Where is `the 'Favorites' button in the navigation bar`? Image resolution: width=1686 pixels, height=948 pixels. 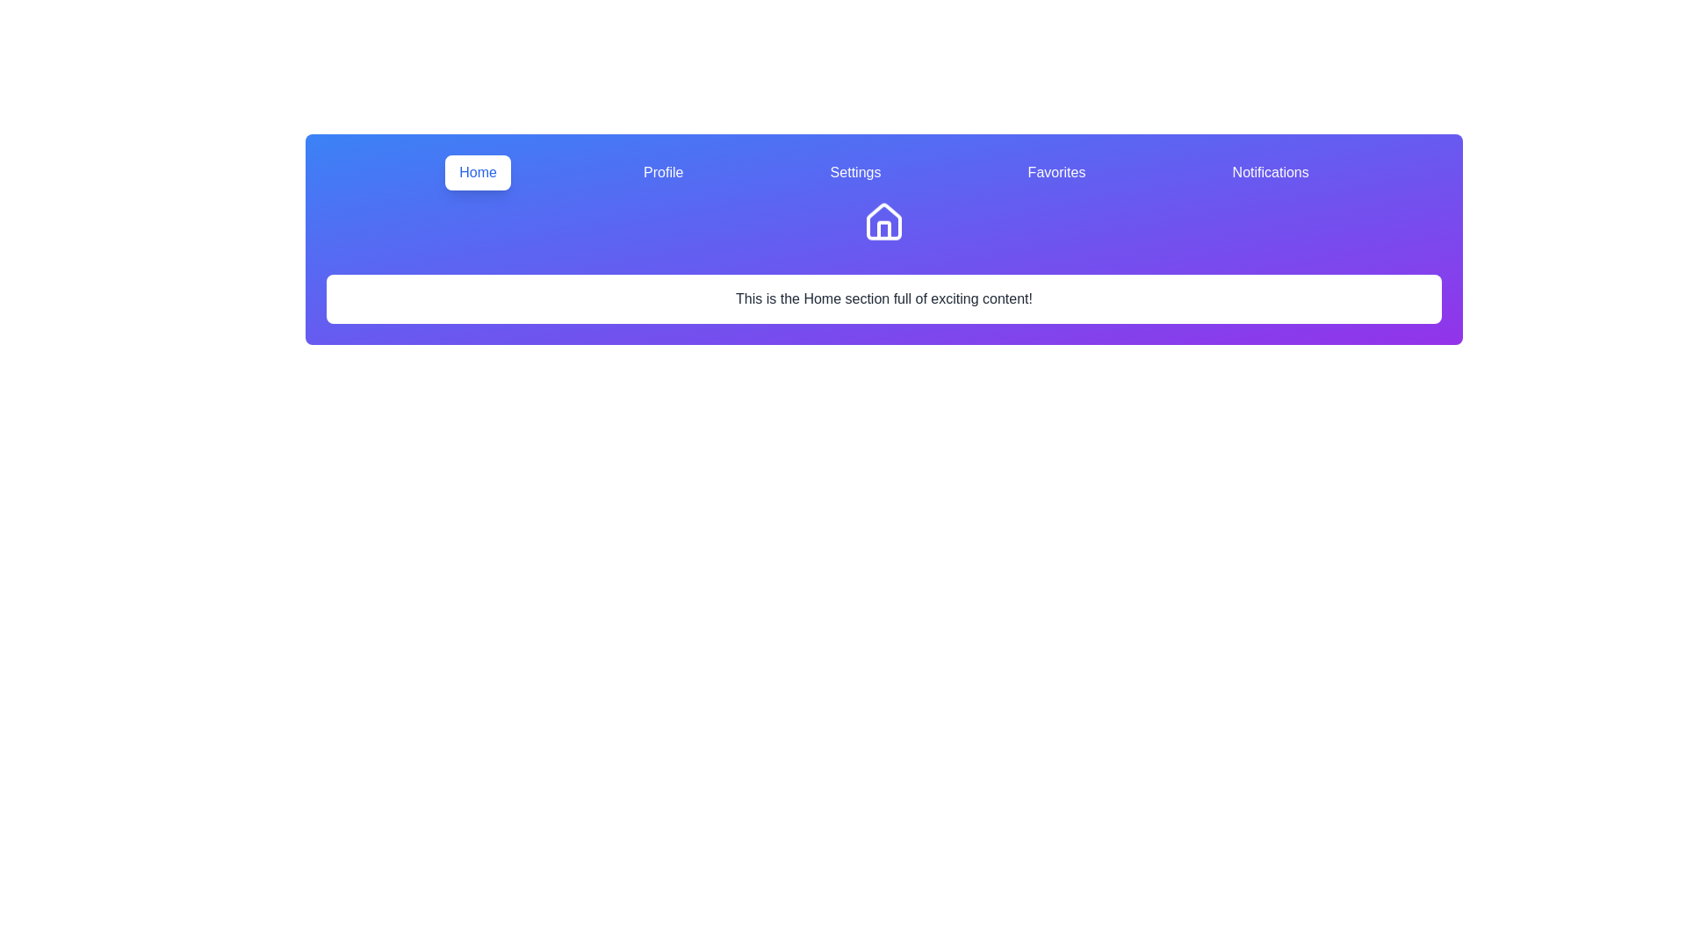
the 'Favorites' button in the navigation bar is located at coordinates (1056, 172).